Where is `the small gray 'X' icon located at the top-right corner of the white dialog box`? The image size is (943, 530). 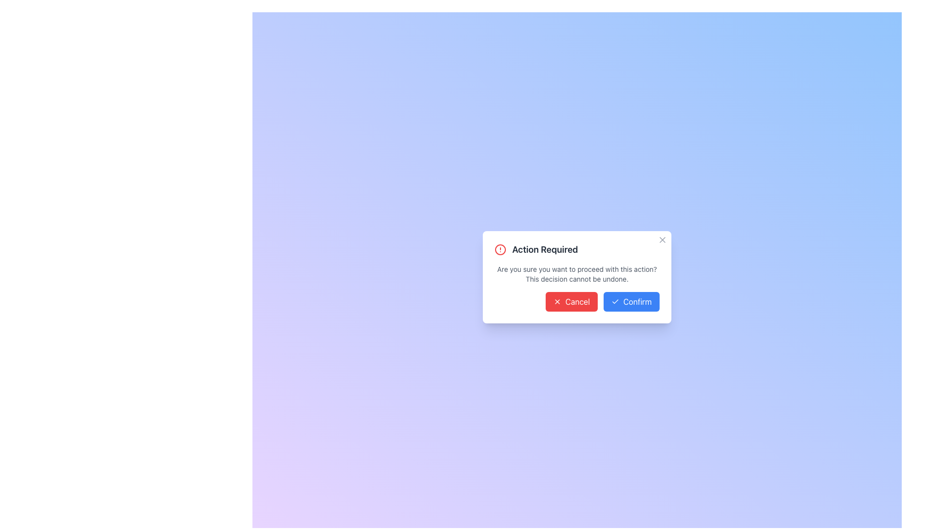 the small gray 'X' icon located at the top-right corner of the white dialog box is located at coordinates (662, 240).